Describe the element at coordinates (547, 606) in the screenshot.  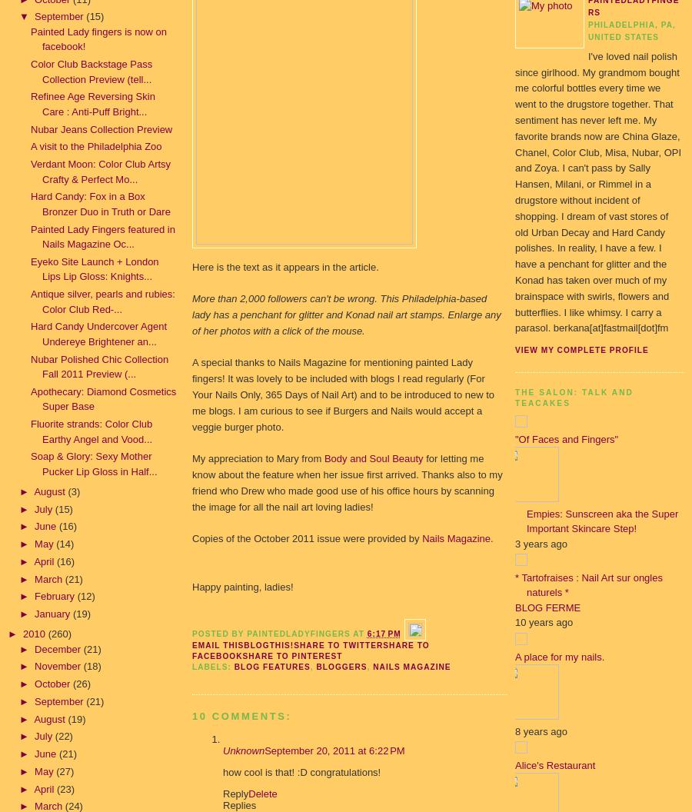
I see `'BLOG FERME'` at that location.